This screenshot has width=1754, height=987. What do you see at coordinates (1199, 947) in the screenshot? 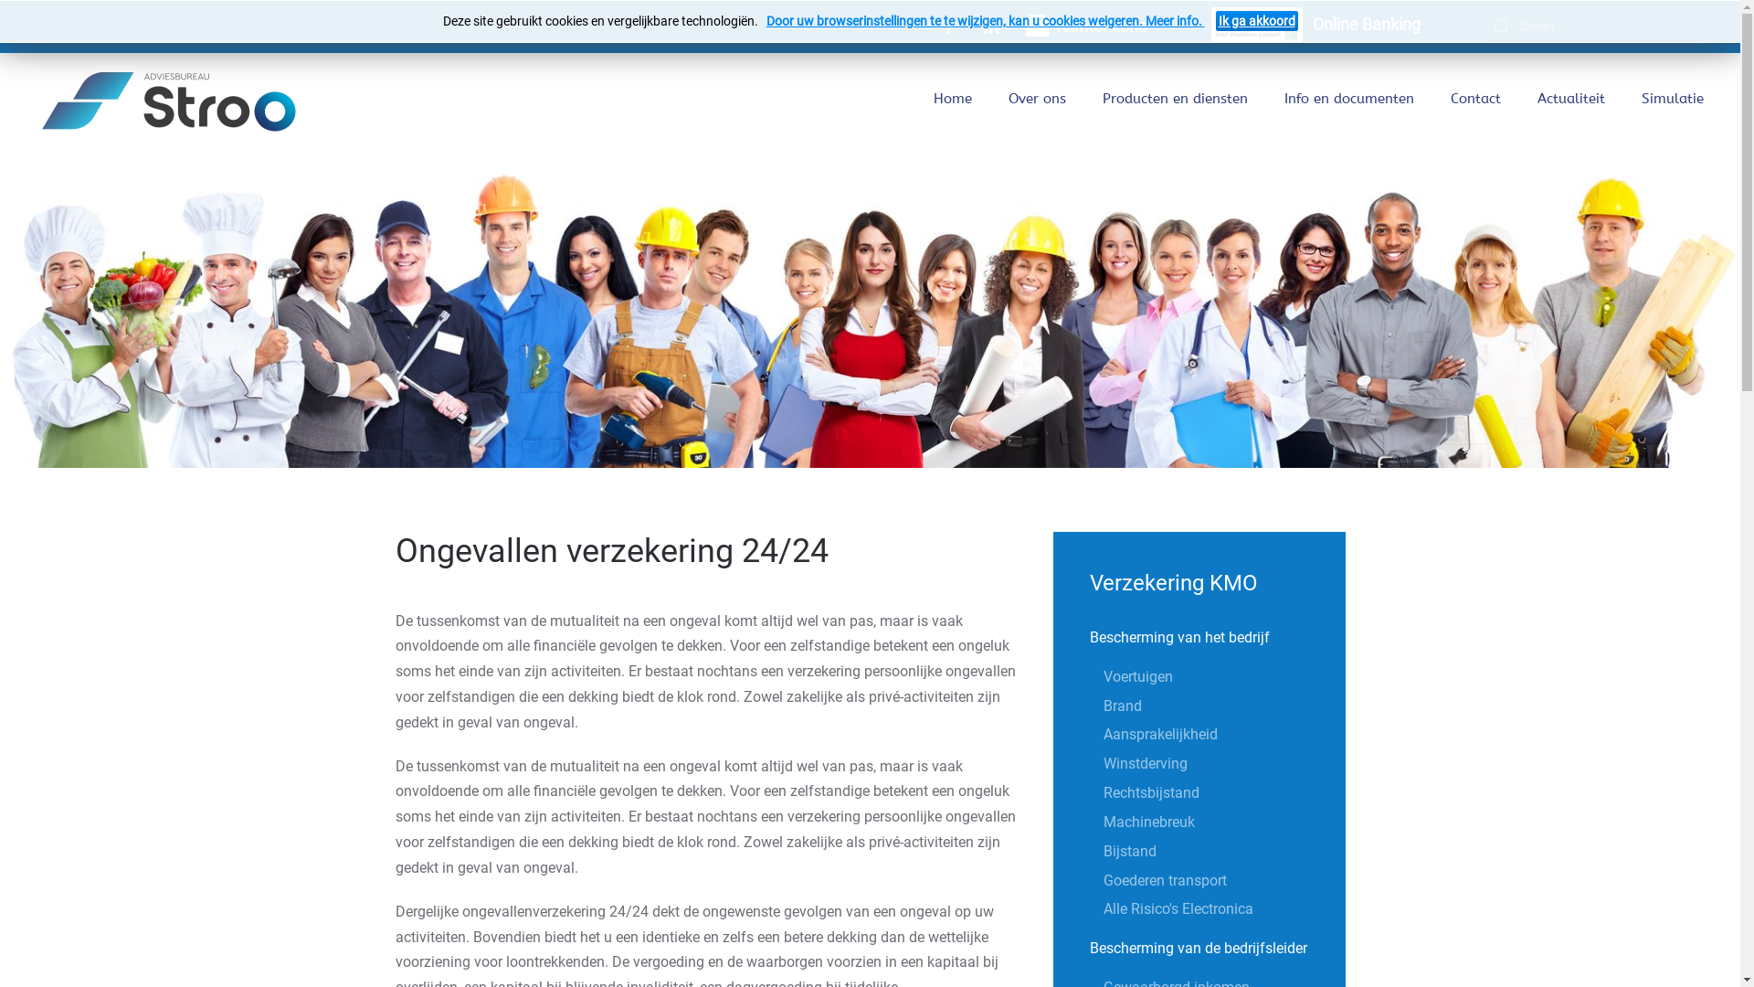
I see `'Bescherming van de bedrijfsleider'` at bounding box center [1199, 947].